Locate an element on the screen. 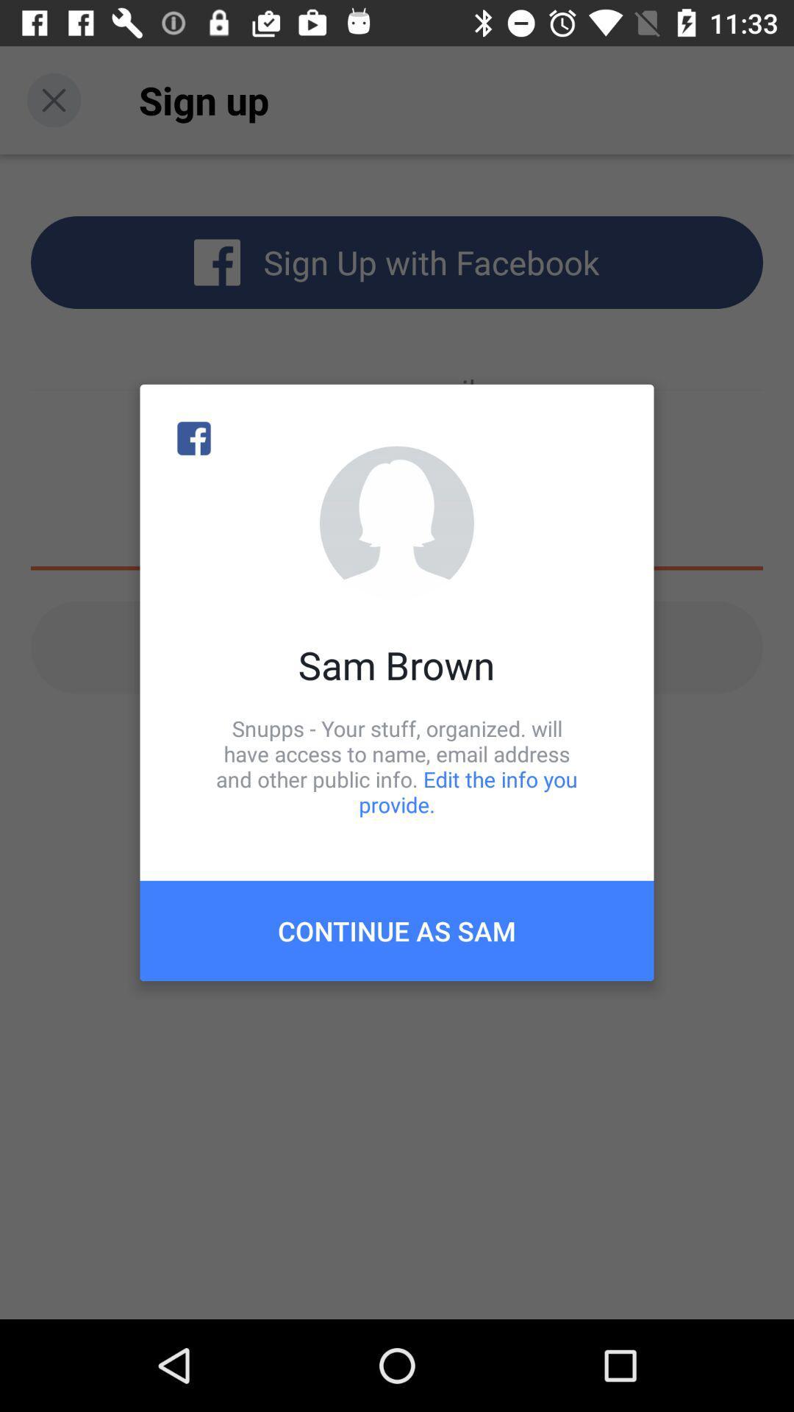 This screenshot has width=794, height=1412. snupps your stuff item is located at coordinates (397, 766).